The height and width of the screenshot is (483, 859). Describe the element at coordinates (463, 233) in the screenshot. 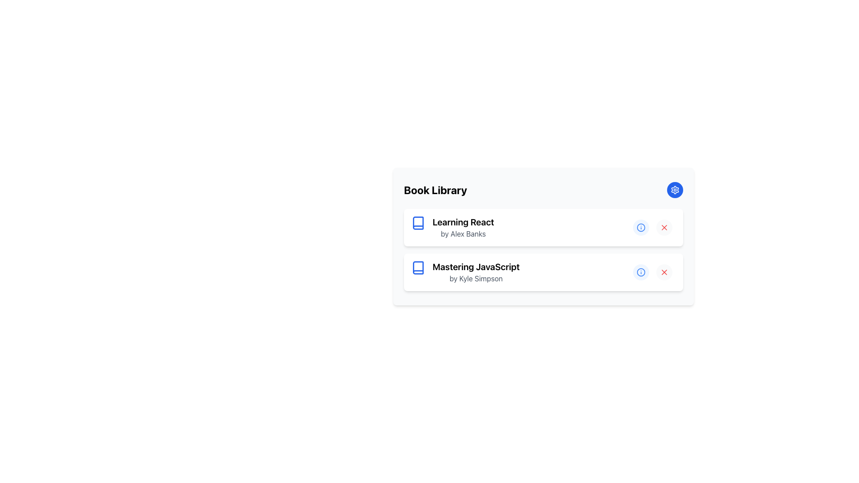

I see `the text label that reads 'by Alex Banks', which is styled in a muted gray color scheme and located directly below the 'Learning React' title` at that location.